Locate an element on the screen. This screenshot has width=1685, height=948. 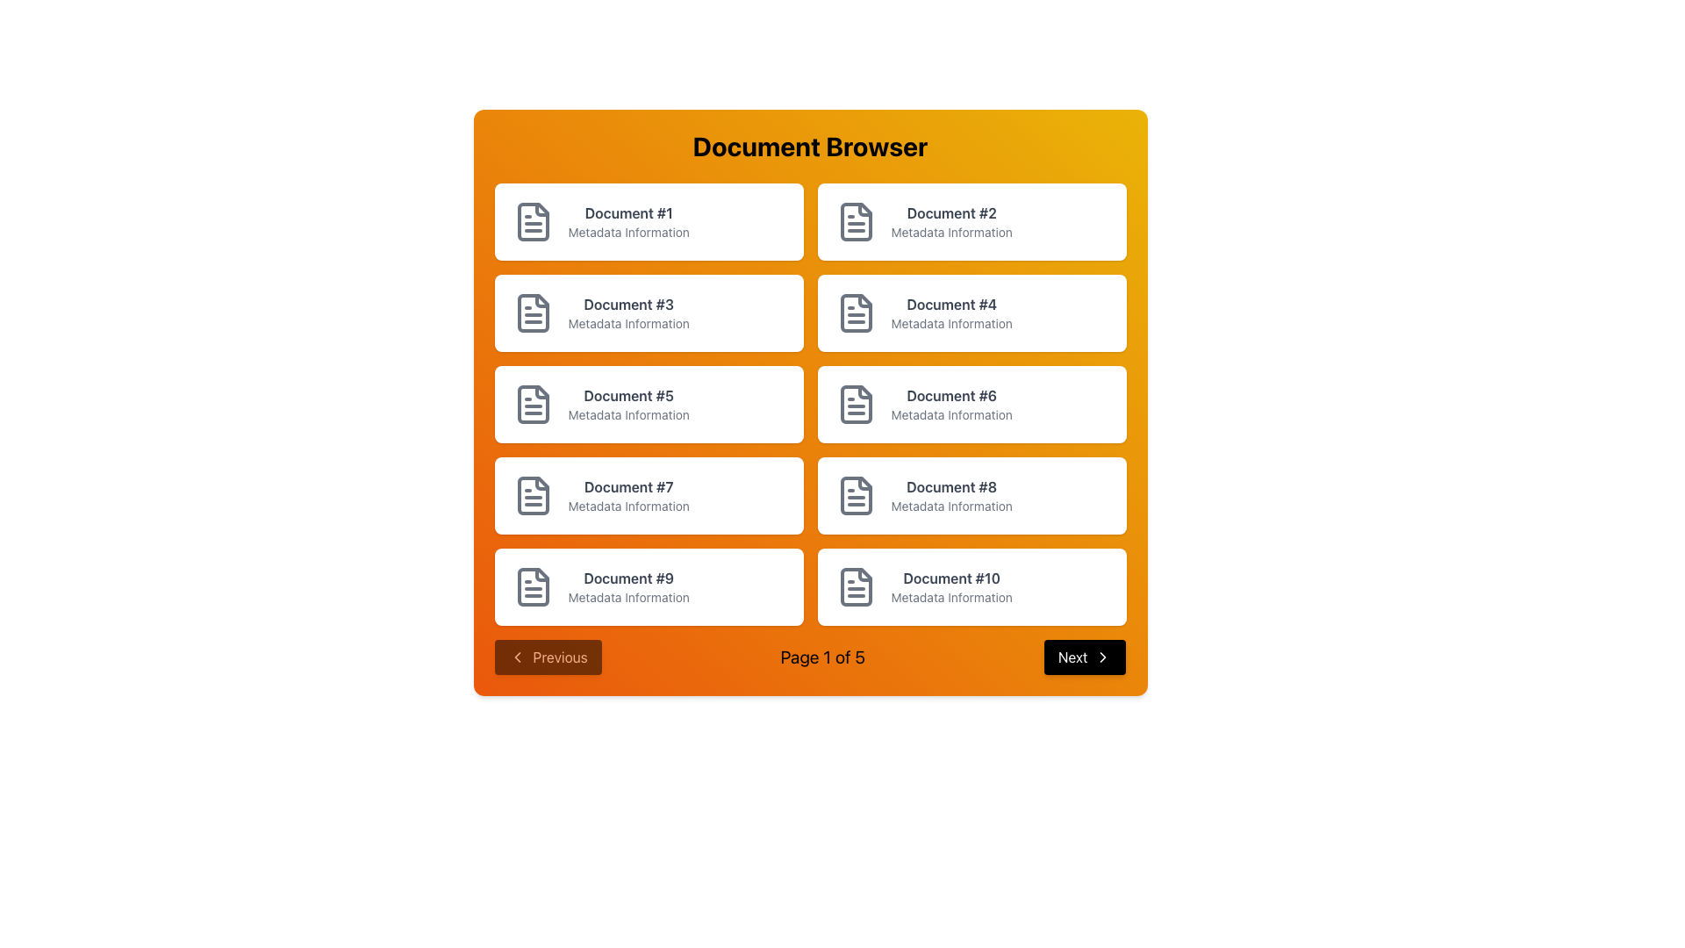
the static text element that provides metadata information for 'Document #8', located in the lower portion of the card labeled 'Document #8' is located at coordinates (950, 506).